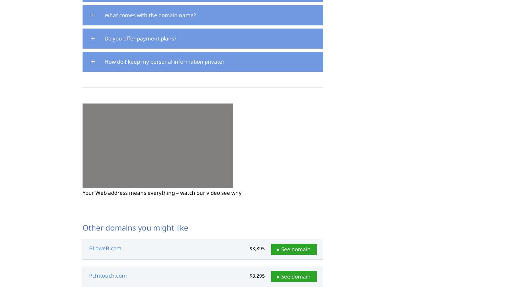  What do you see at coordinates (149, 15) in the screenshot?
I see `'What comes with the domain name?'` at bounding box center [149, 15].